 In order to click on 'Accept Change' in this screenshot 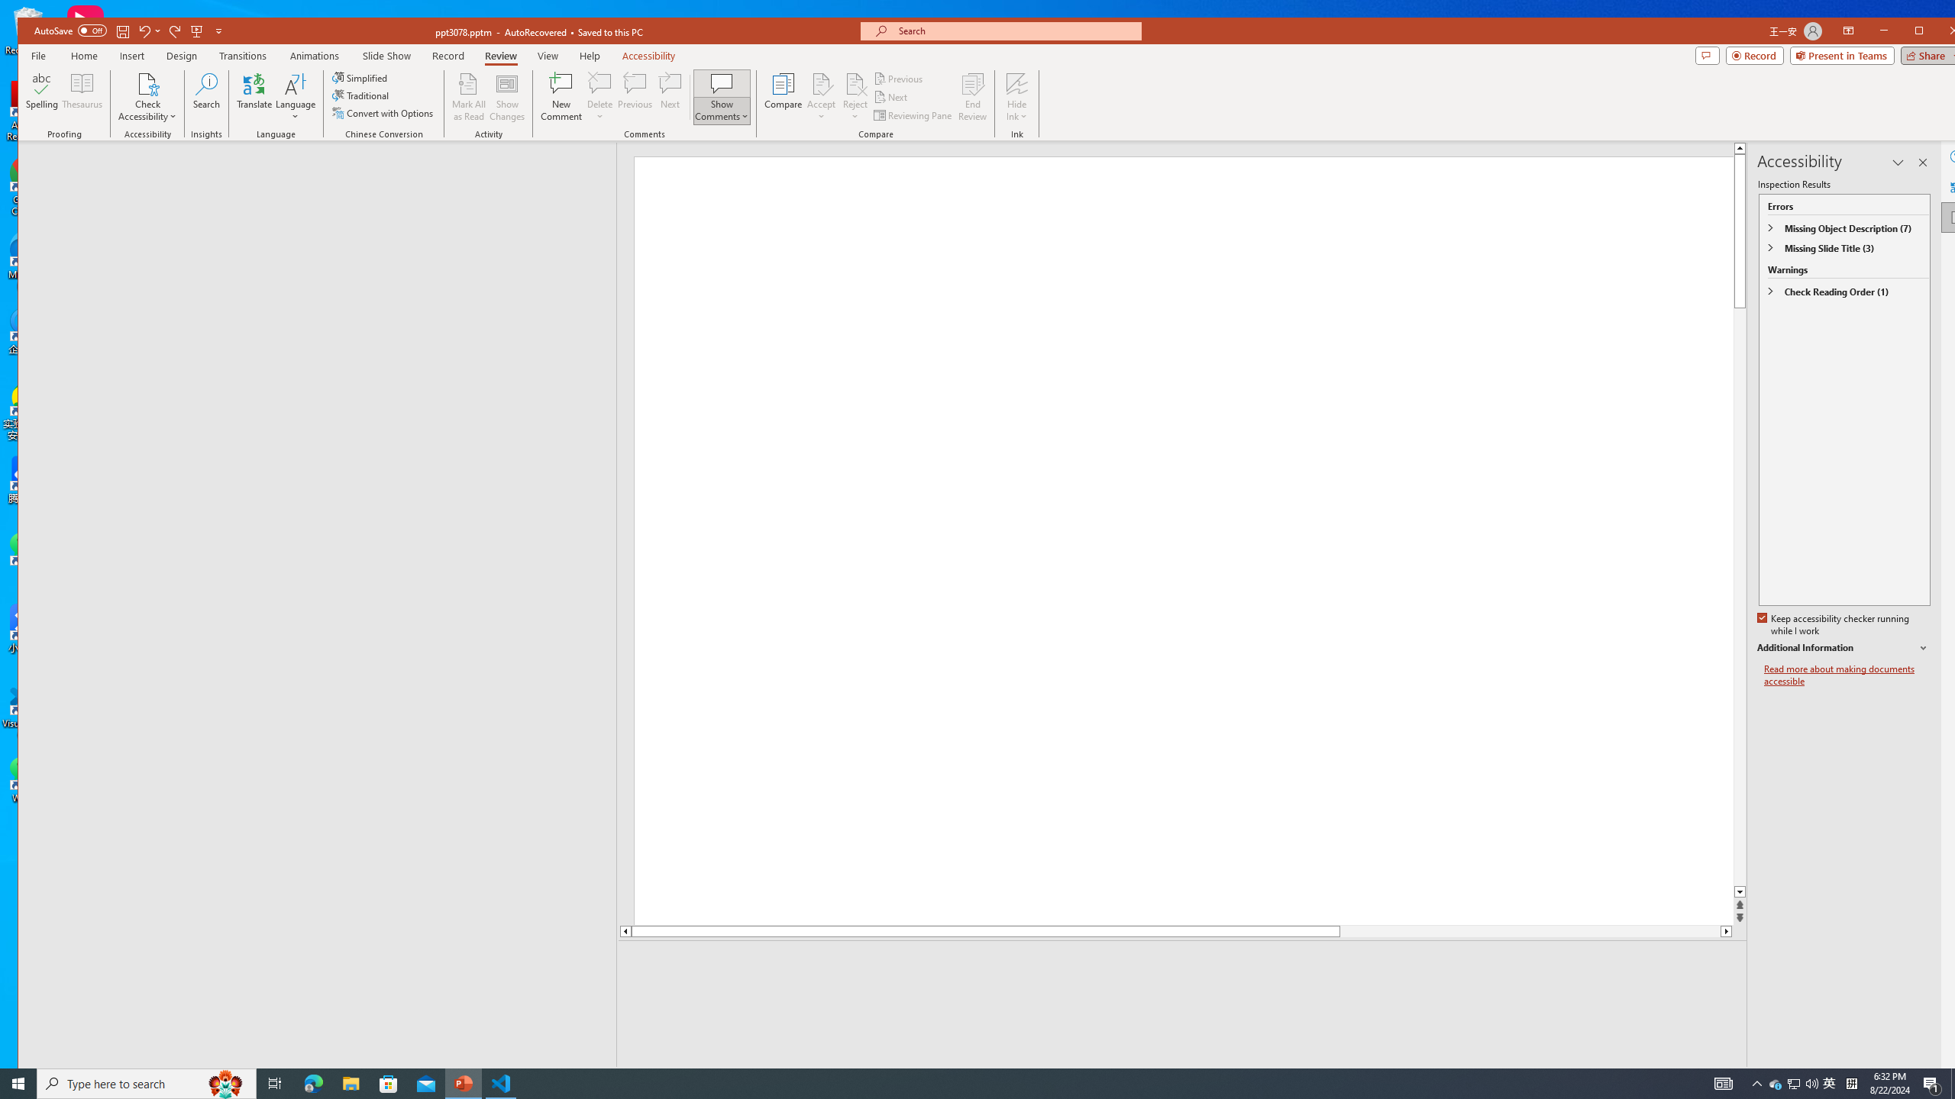, I will do `click(822, 82)`.